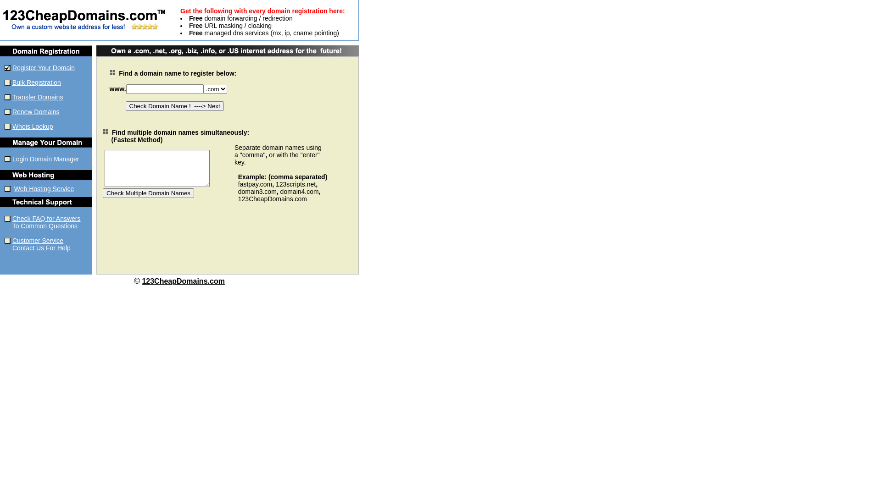 The width and height of the screenshot is (881, 495). What do you see at coordinates (45, 159) in the screenshot?
I see `'Login Domain Manager'` at bounding box center [45, 159].